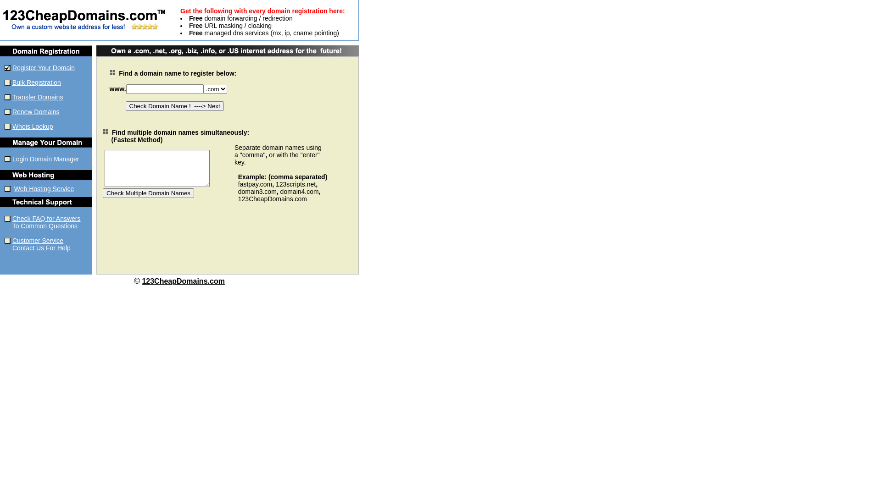 The width and height of the screenshot is (881, 495). What do you see at coordinates (45, 159) in the screenshot?
I see `'Login Domain Manager'` at bounding box center [45, 159].